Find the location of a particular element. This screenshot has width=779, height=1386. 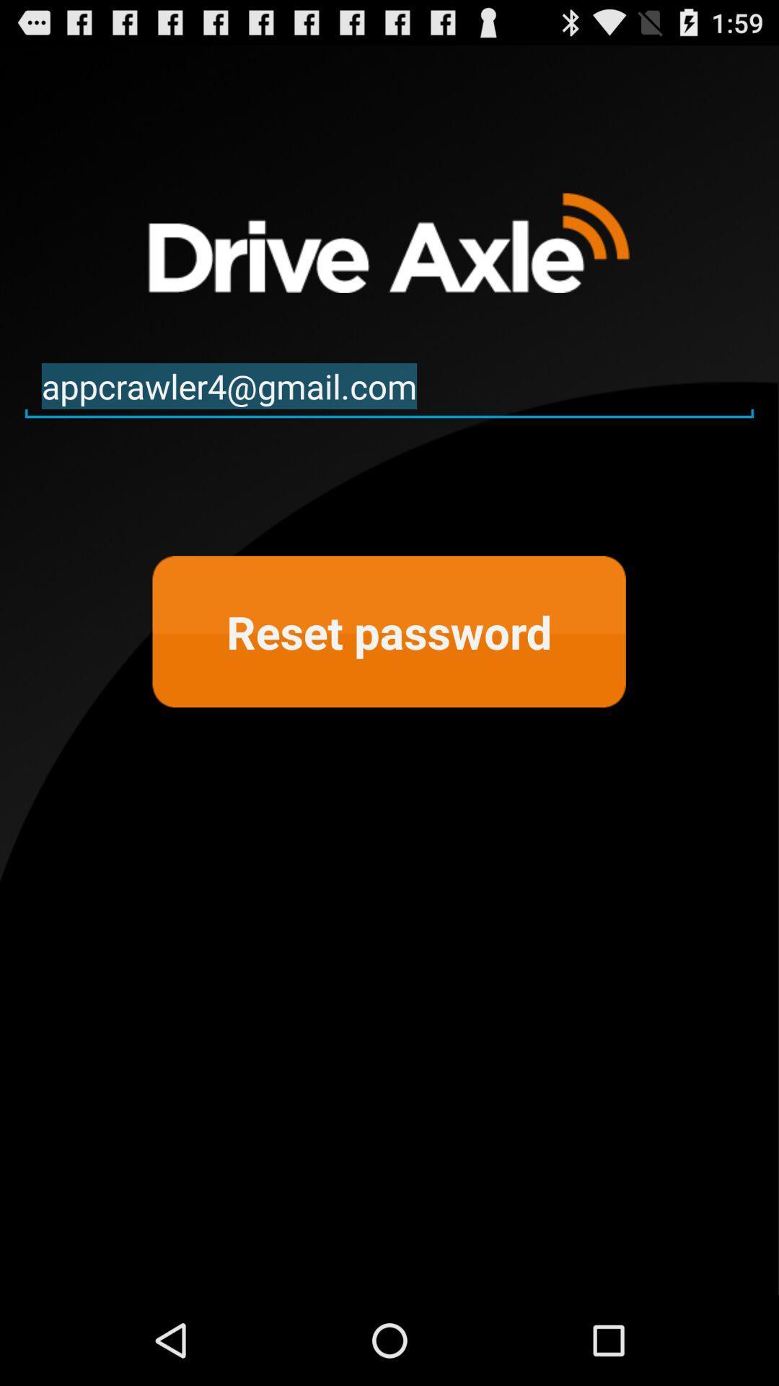

icon above reset password button is located at coordinates (389, 387).